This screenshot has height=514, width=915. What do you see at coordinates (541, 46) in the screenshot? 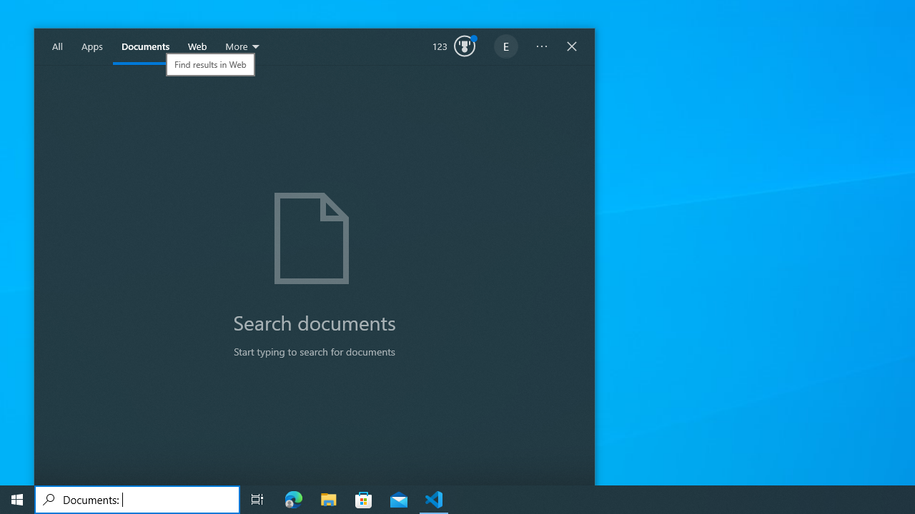
I see `'Options'` at bounding box center [541, 46].